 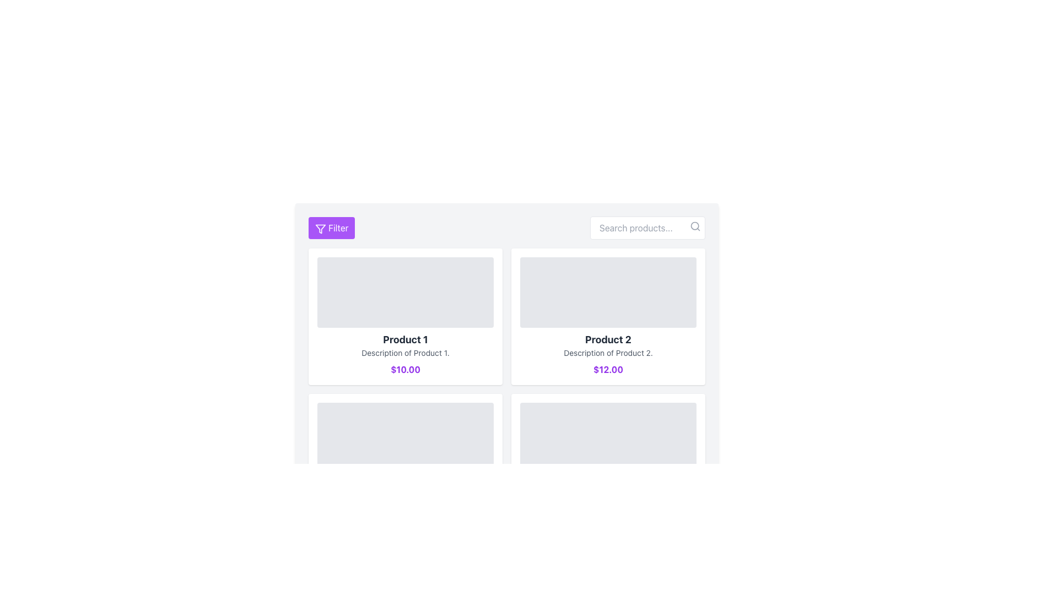 What do you see at coordinates (695, 226) in the screenshot?
I see `the magnifying glass icon located at the top-right corner of the search input box` at bounding box center [695, 226].